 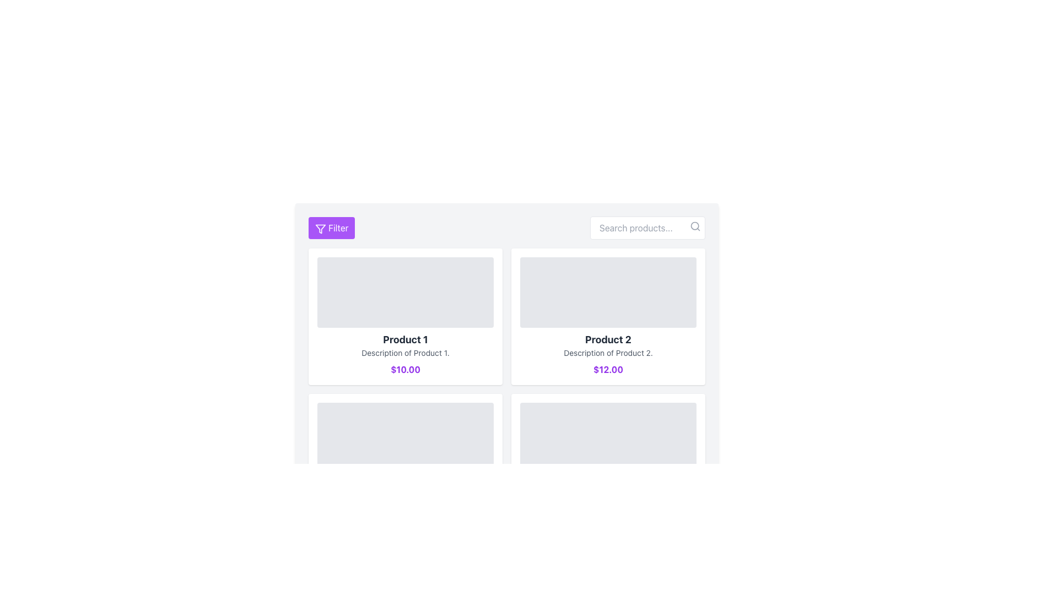 What do you see at coordinates (695, 226) in the screenshot?
I see `the magnifying glass icon located at the top-right corner of the search input box` at bounding box center [695, 226].